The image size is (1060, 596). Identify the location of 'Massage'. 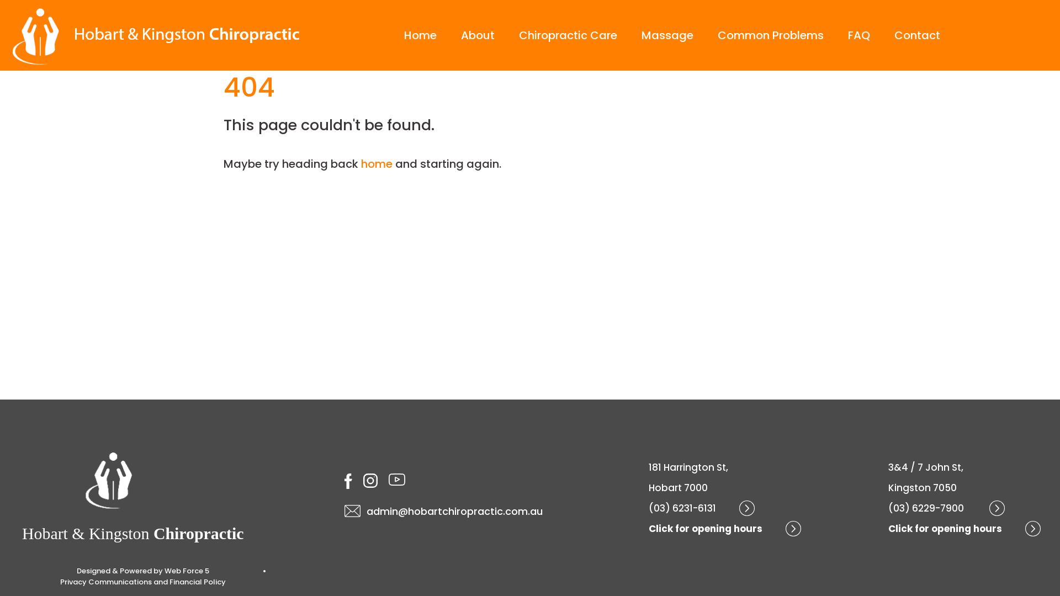
(667, 35).